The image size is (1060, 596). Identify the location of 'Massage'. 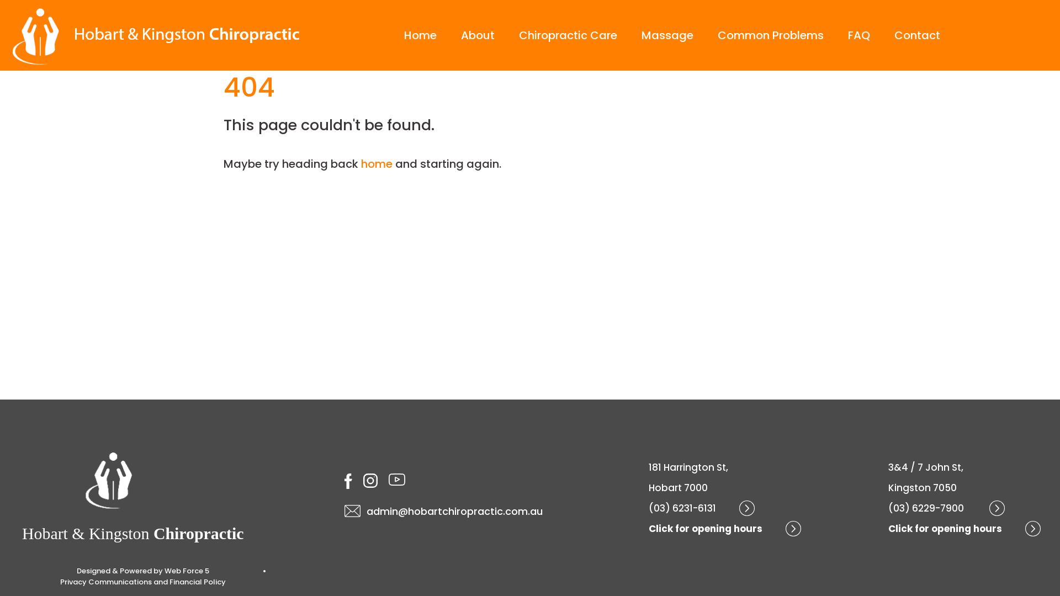
(667, 35).